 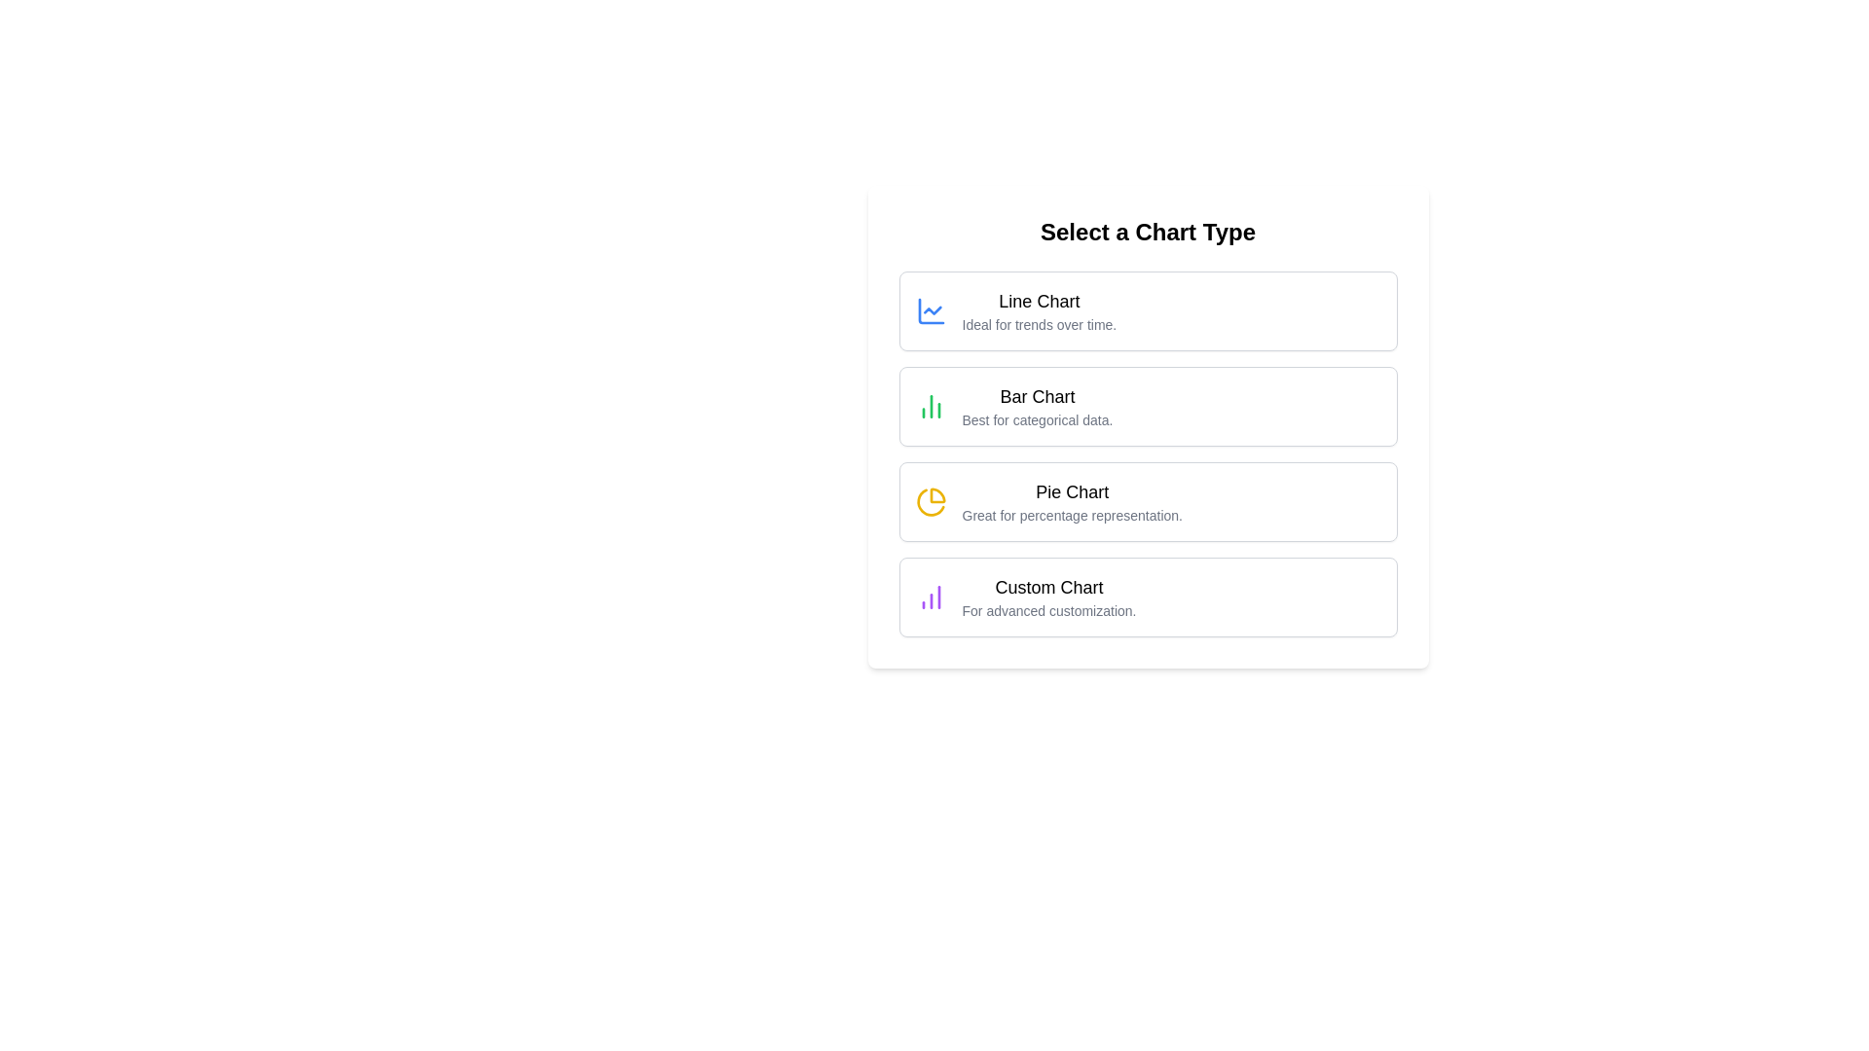 I want to click on the small blue square icon that features a minimalist line chart illustration, located to the left of the 'Line Chart' text, so click(x=930, y=310).